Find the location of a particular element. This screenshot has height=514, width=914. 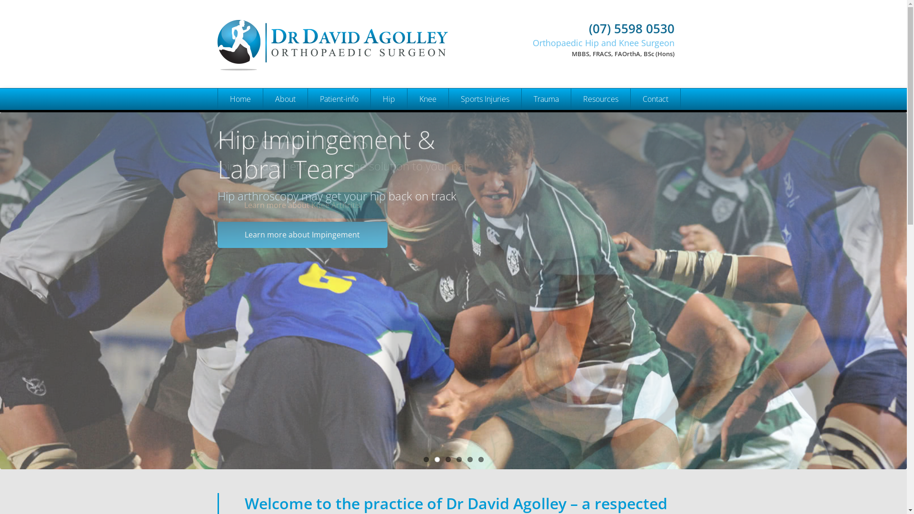

'Home' is located at coordinates (217, 99).